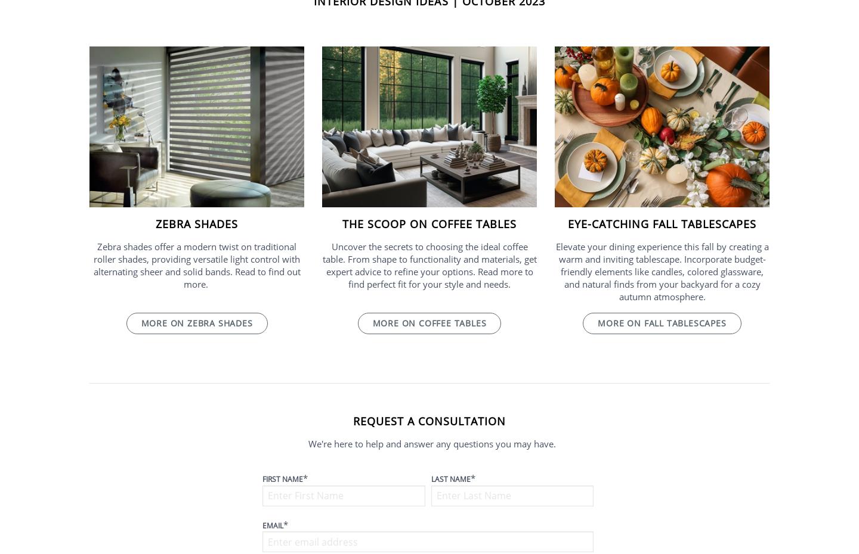  Describe the element at coordinates (661, 322) in the screenshot. I see `'More on fall tablescapes'` at that location.